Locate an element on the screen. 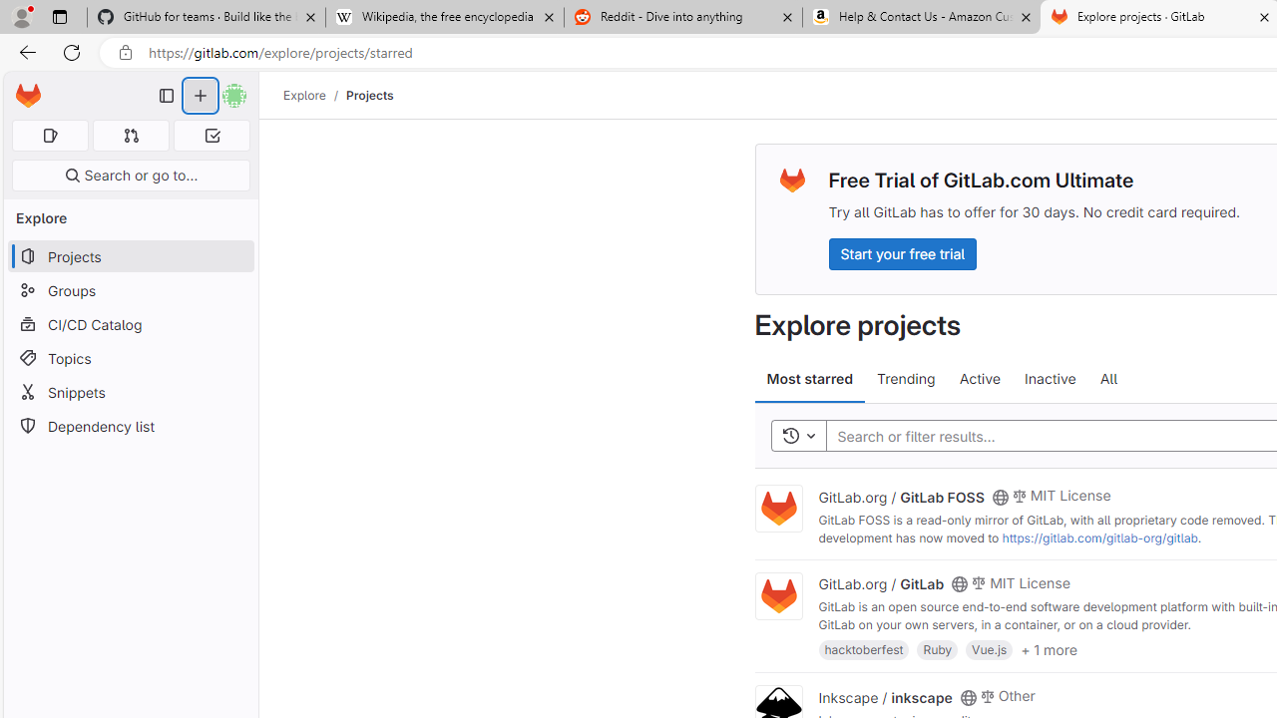  'GitLab.org / GitLab FOSS' is located at coordinates (900, 495).